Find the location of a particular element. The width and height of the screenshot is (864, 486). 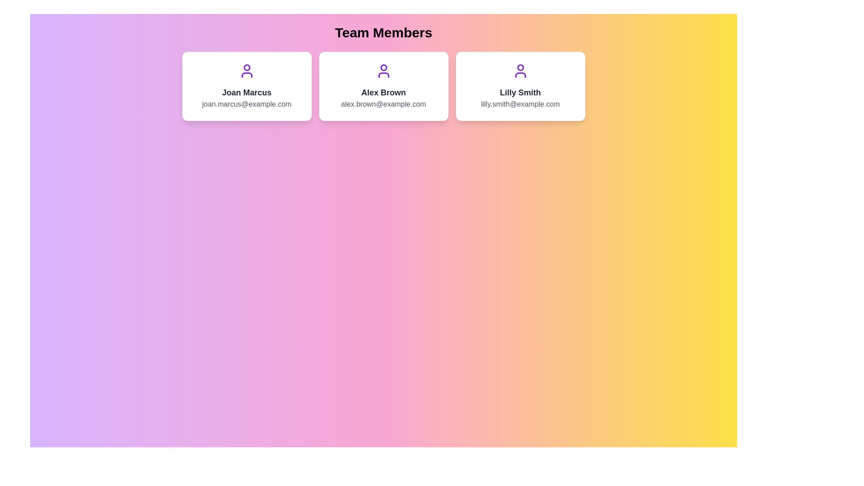

the circular avatar icon representing 'Alex Brown' located in the top region of the middle card in the team member profiles is located at coordinates (383, 67).